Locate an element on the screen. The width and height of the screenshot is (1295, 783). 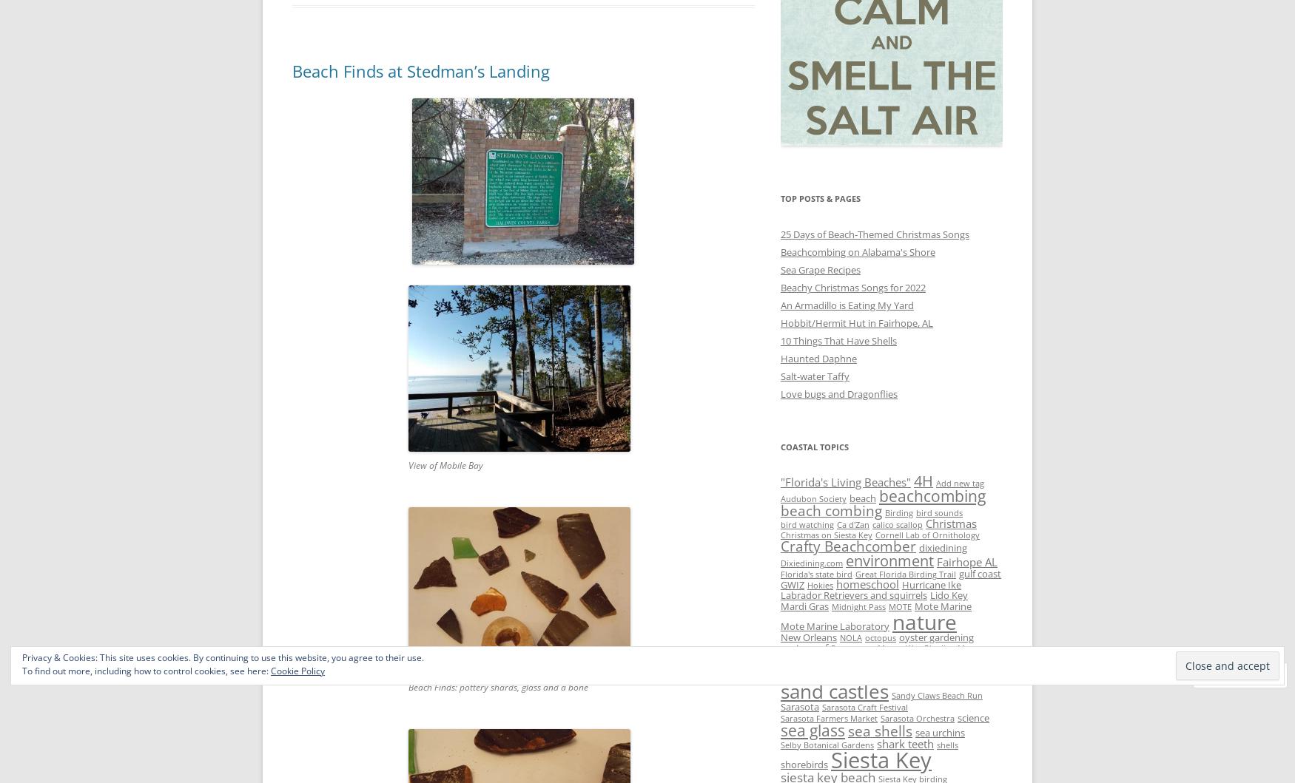
'sea glass' is located at coordinates (813, 728).